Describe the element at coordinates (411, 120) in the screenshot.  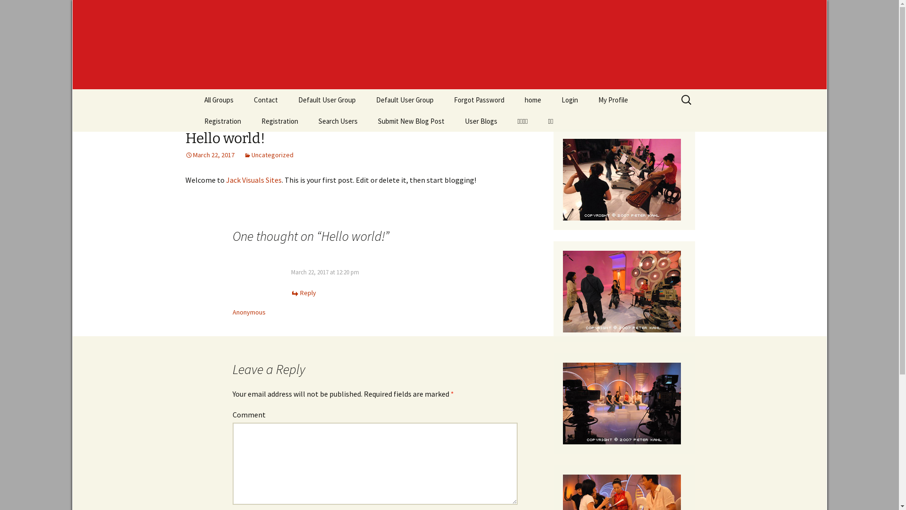
I see `'Submit New Blog Post'` at that location.